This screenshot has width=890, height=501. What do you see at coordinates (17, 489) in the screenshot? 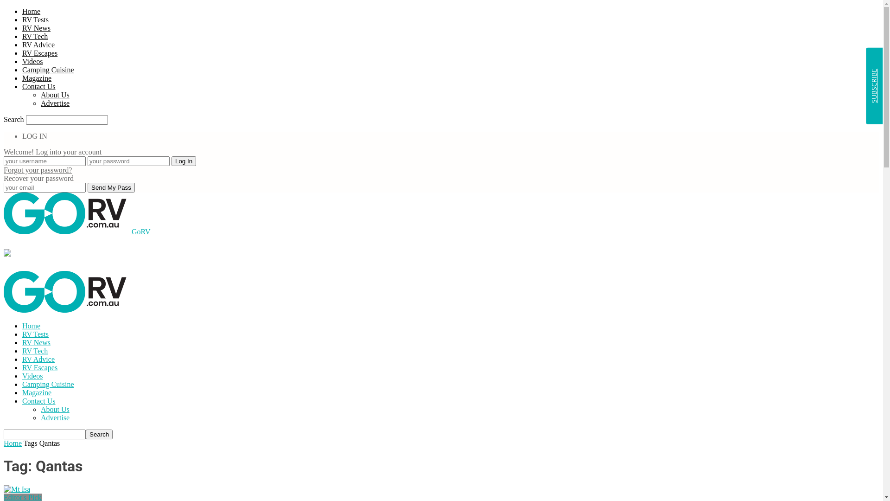
I see `'East of Mt Isa'` at bounding box center [17, 489].